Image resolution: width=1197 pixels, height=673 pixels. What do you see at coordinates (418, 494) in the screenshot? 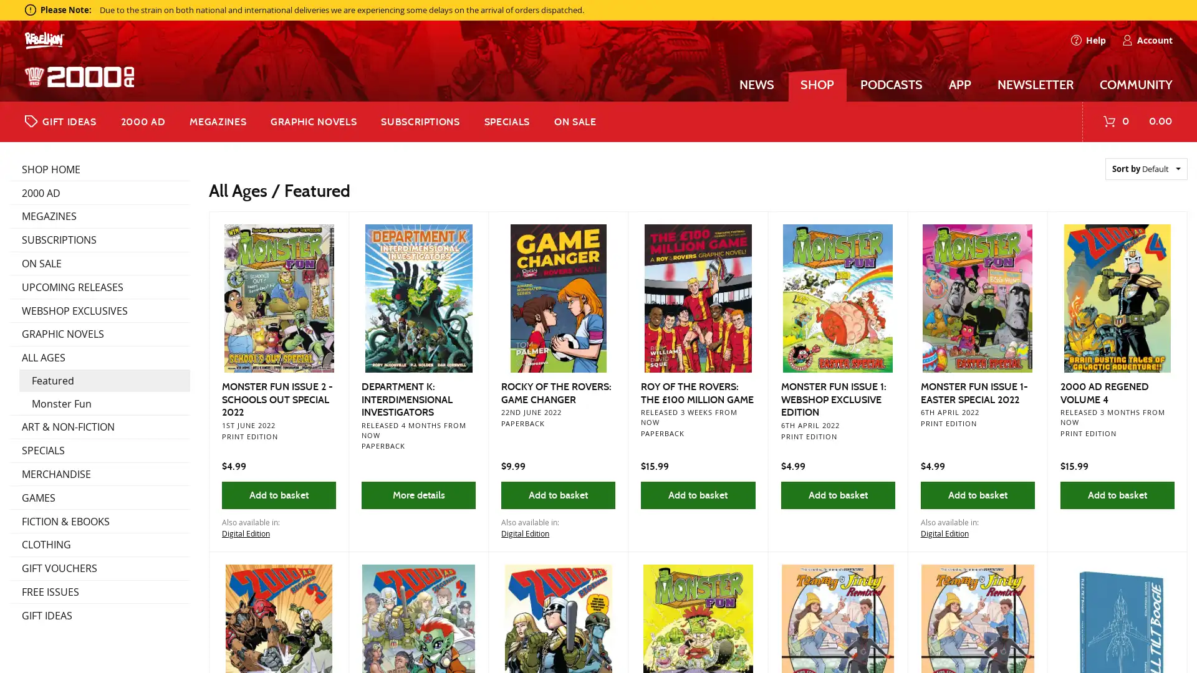
I see `More details` at bounding box center [418, 494].